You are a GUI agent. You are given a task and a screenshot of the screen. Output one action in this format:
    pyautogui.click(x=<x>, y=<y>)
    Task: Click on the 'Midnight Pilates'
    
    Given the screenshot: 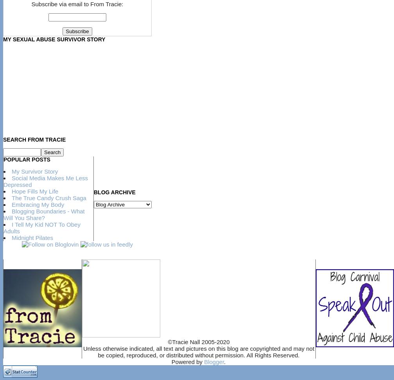 What is the action you would take?
    pyautogui.click(x=32, y=237)
    